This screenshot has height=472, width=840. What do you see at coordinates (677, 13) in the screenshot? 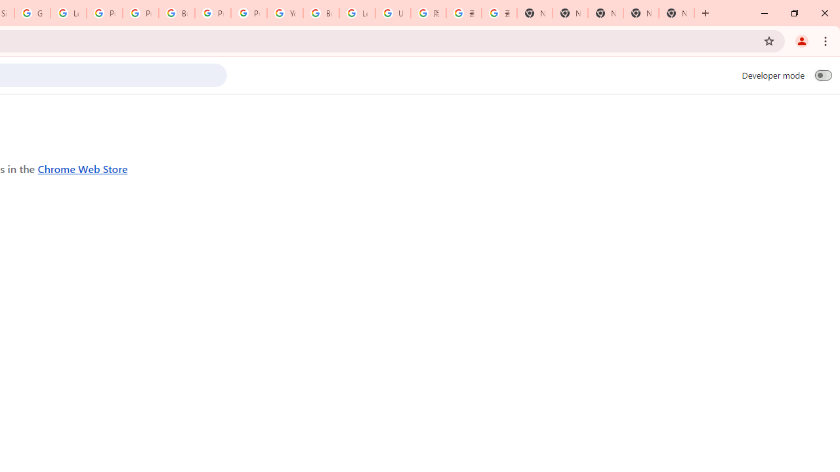
I see `'New Tab'` at bounding box center [677, 13].